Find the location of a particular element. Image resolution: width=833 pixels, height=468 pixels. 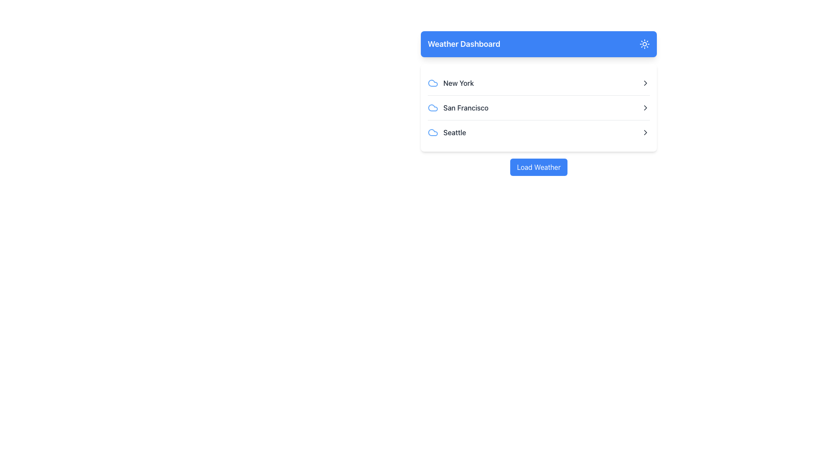

the first list item labeled 'New York' in the weather application interface, which includes a cloud icon preceding the text is located at coordinates (451, 83).